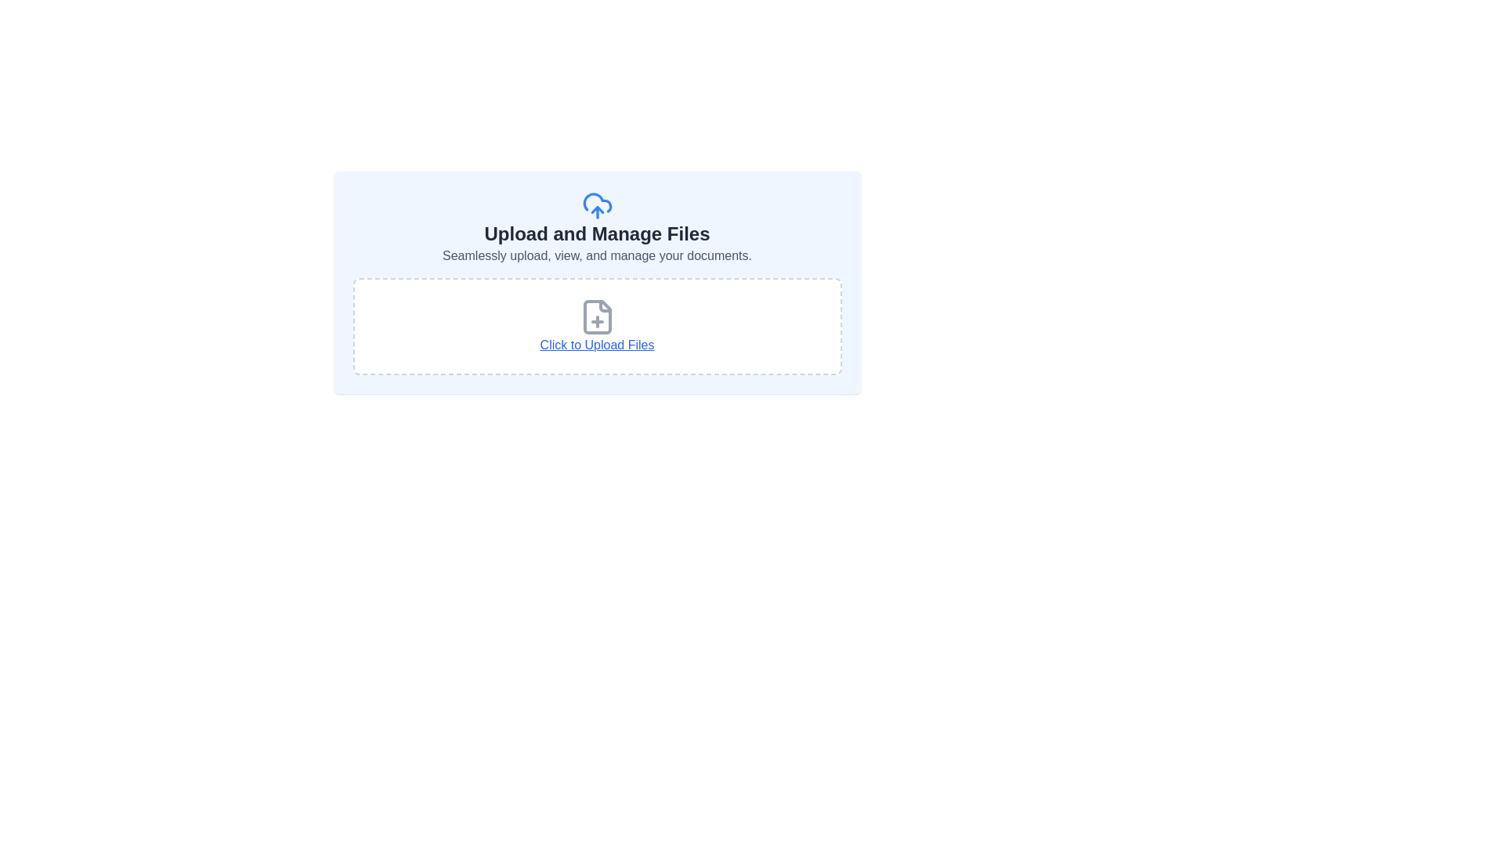  What do you see at coordinates (596, 204) in the screenshot?
I see `the file upload icon, which features cloud and arrow imagery, positioned centrally above the 'Upload and Manage Files' heading` at bounding box center [596, 204].